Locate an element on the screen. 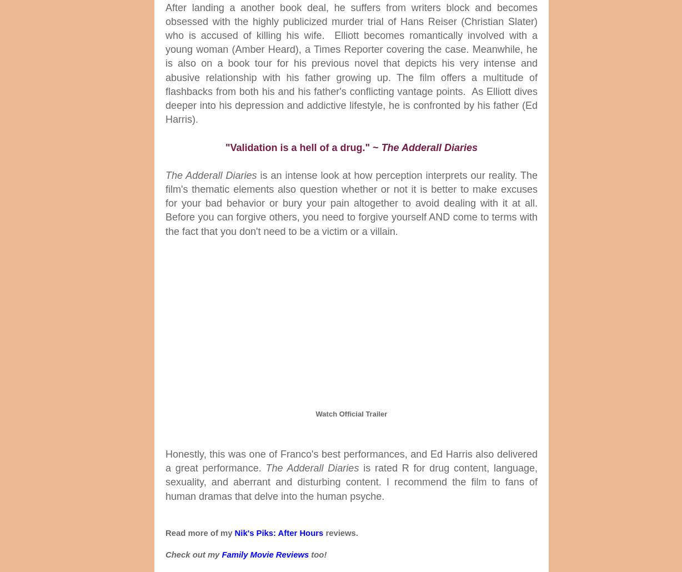  'Honestly, this was one of Franco's best performances, and Ed Harris also delivered a great performance.' is located at coordinates (352, 460).